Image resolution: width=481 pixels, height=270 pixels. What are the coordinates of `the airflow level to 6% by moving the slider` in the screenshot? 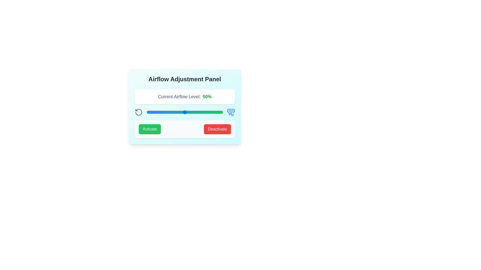 It's located at (151, 112).